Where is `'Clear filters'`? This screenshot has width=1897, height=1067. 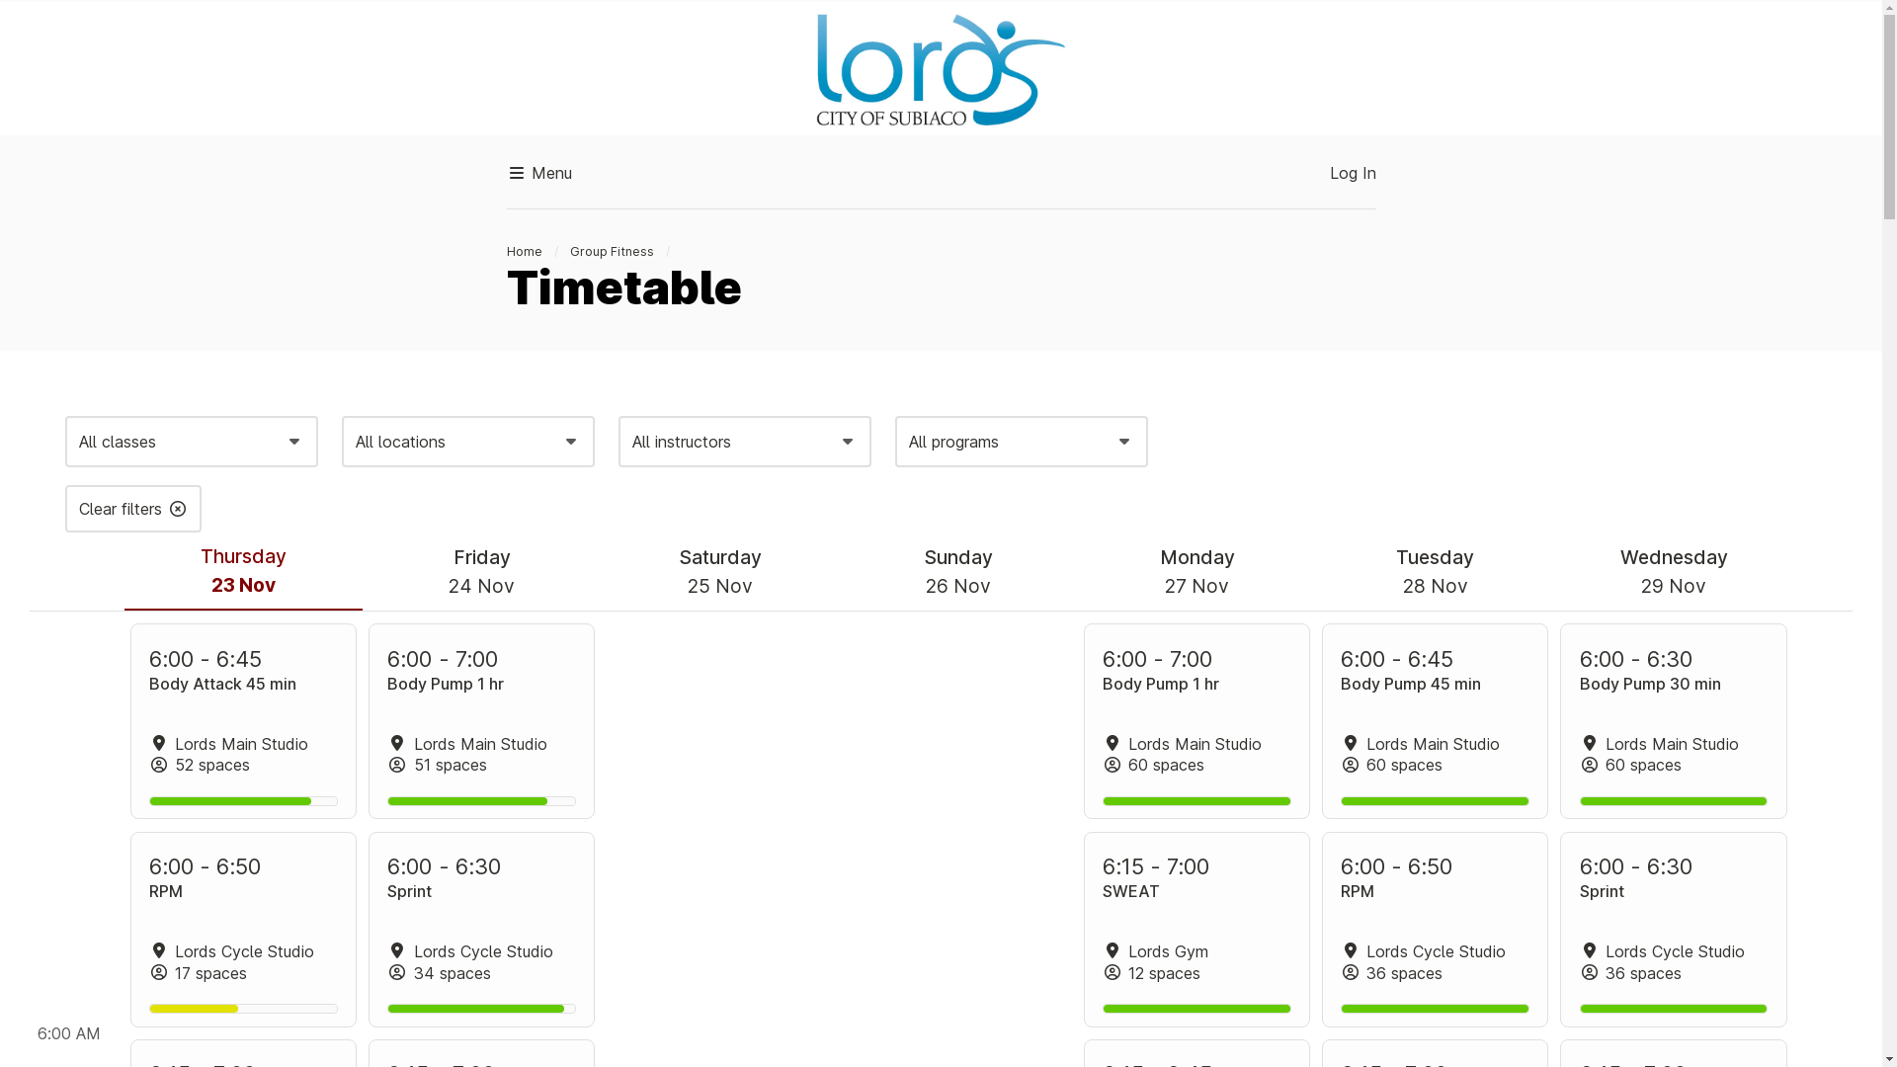 'Clear filters' is located at coordinates (131, 508).